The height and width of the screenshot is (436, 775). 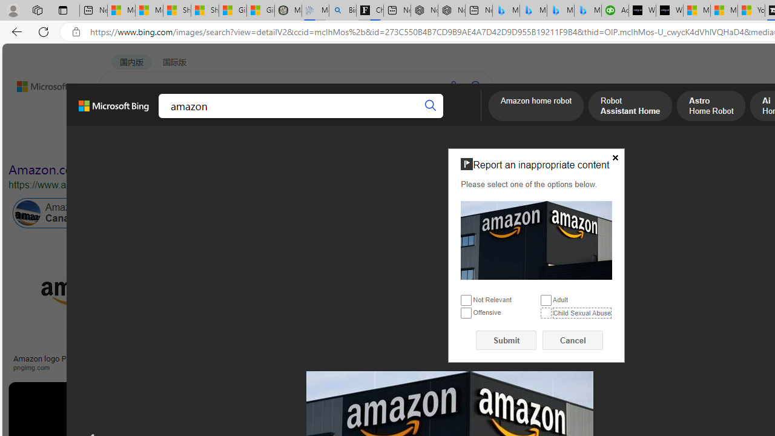 I want to click on 'Color', so click(x=184, y=143).